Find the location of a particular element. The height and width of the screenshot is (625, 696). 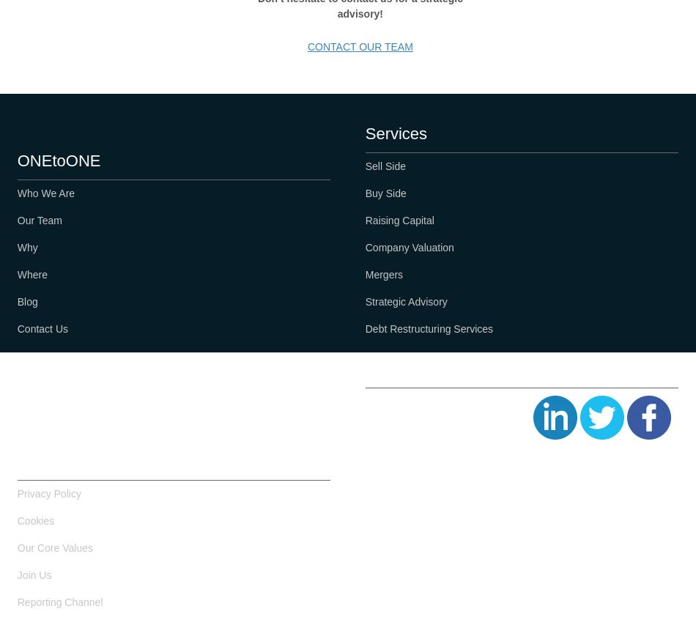

'Reporting Channel' is located at coordinates (59, 602).